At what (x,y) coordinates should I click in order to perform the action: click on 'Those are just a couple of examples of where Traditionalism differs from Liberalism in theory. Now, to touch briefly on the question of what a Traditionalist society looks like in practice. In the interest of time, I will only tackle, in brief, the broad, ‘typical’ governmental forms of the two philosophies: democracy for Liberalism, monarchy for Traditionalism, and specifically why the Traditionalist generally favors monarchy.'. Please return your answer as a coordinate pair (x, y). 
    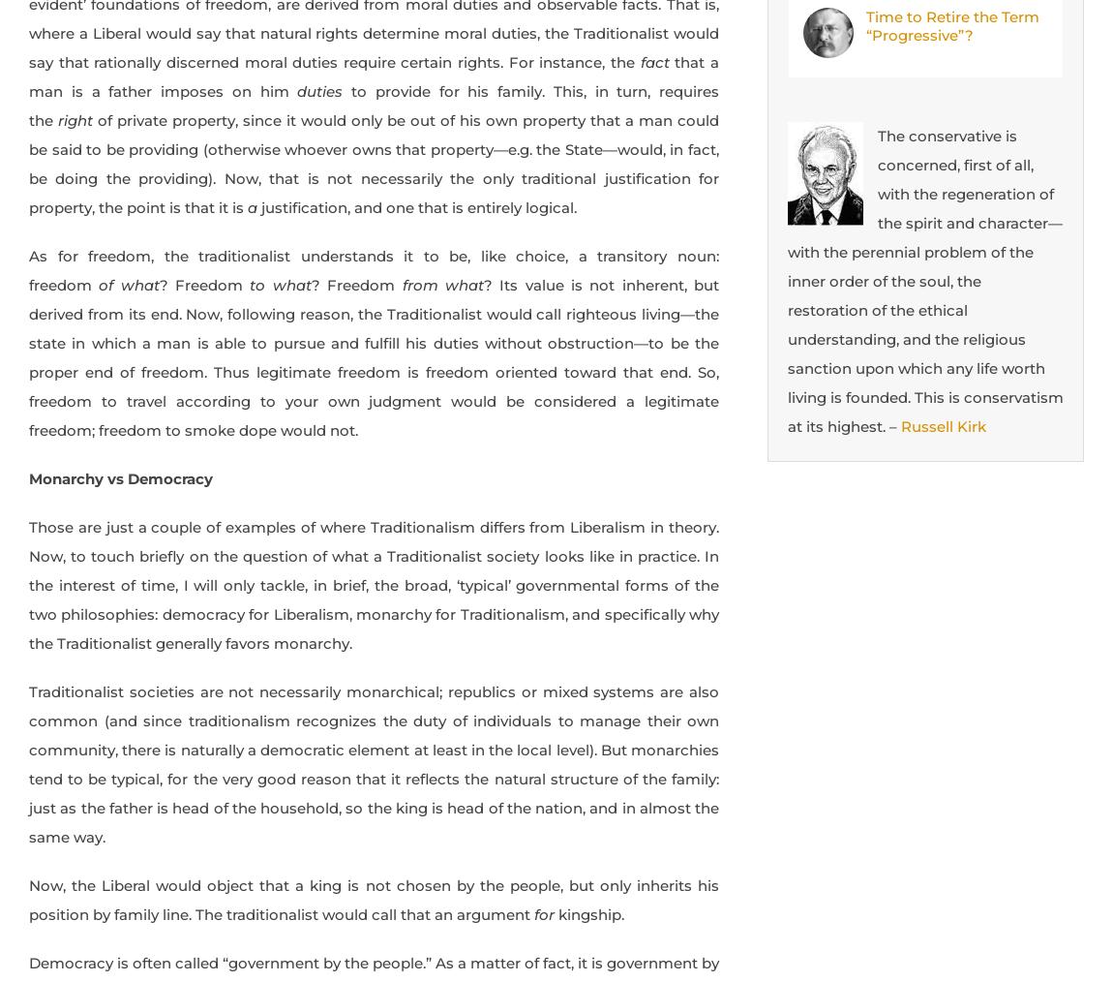
    Looking at the image, I should click on (374, 584).